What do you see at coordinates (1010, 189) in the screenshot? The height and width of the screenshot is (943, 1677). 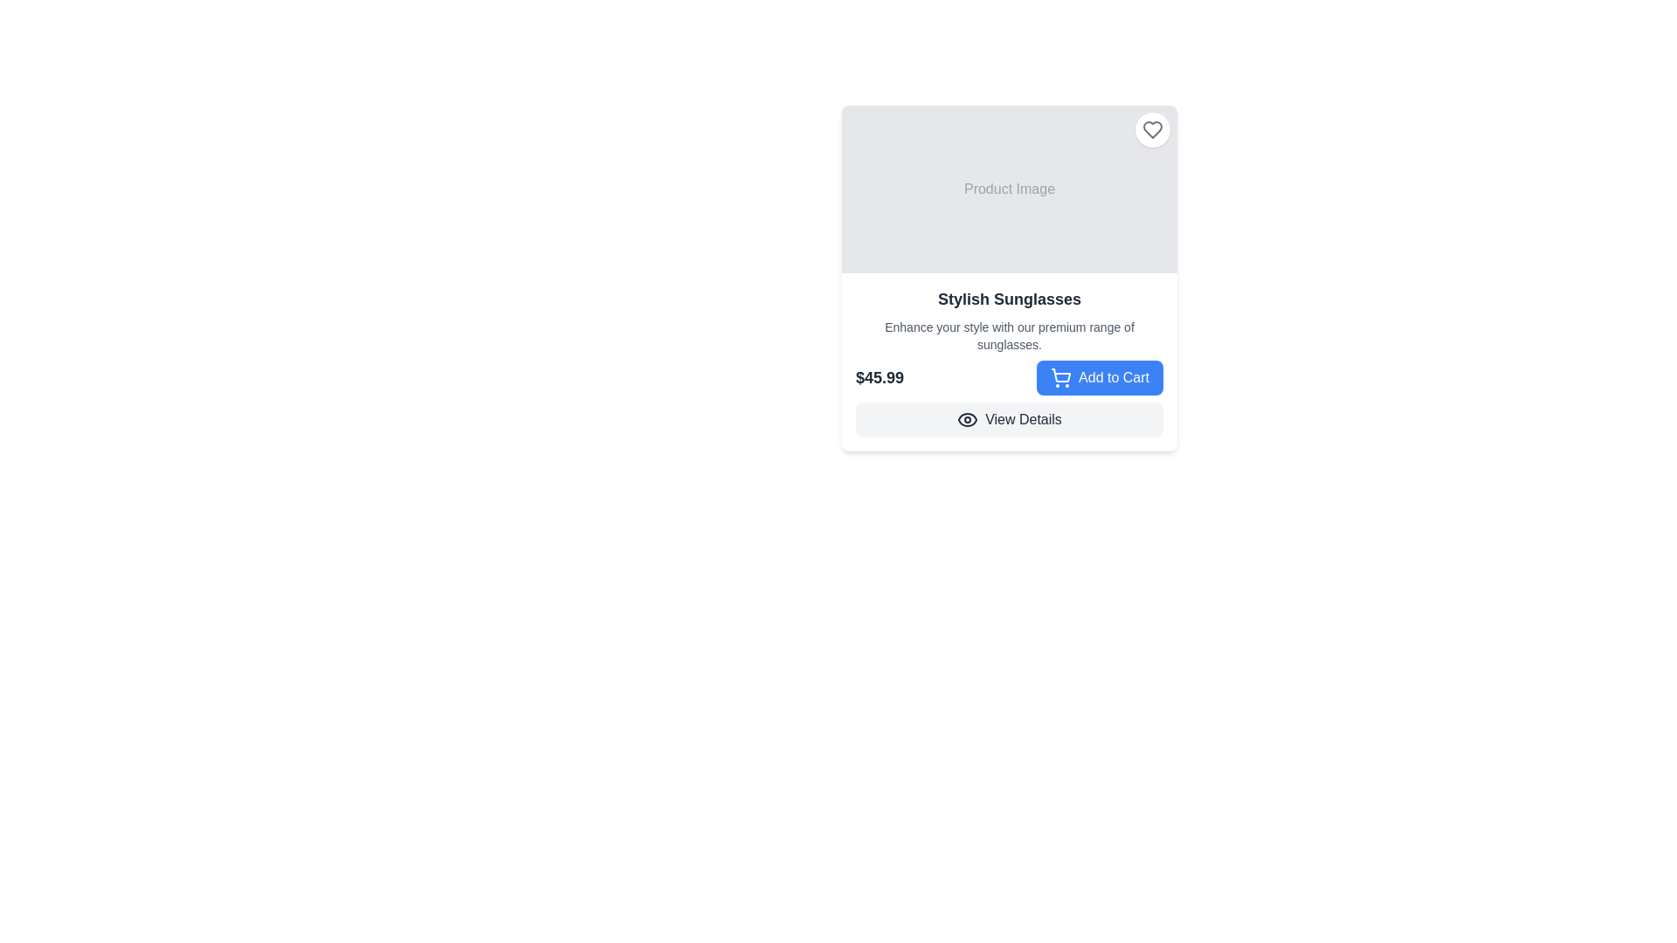 I see `the placeholder image display area which has a light gray background and contains the text 'Product Image'` at bounding box center [1010, 189].